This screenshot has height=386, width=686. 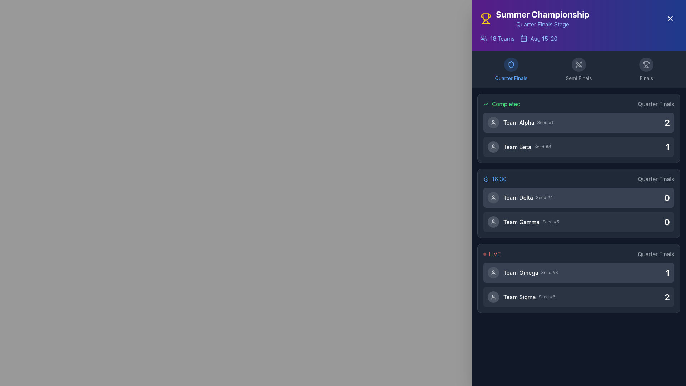 I want to click on the user representation icon located on the left side of the team names within a list item, so click(x=493, y=222).